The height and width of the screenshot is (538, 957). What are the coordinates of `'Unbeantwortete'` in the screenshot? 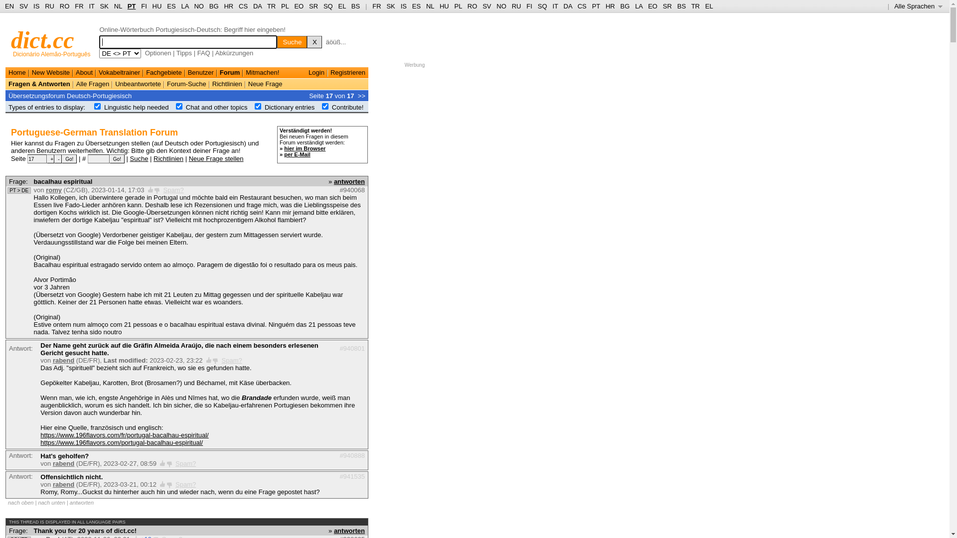 It's located at (138, 83).